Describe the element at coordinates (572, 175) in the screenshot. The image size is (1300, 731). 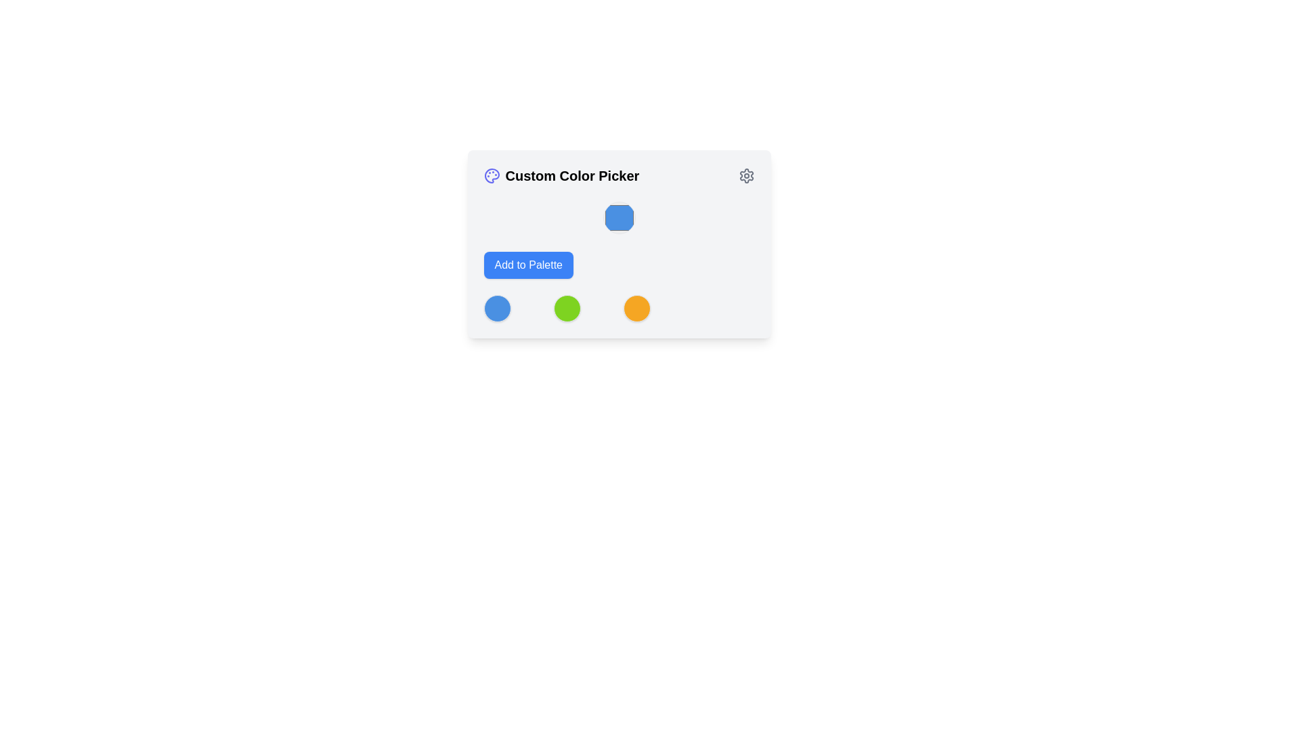
I see `text of the primary label positioned centrally at the top of the interface card` at that location.